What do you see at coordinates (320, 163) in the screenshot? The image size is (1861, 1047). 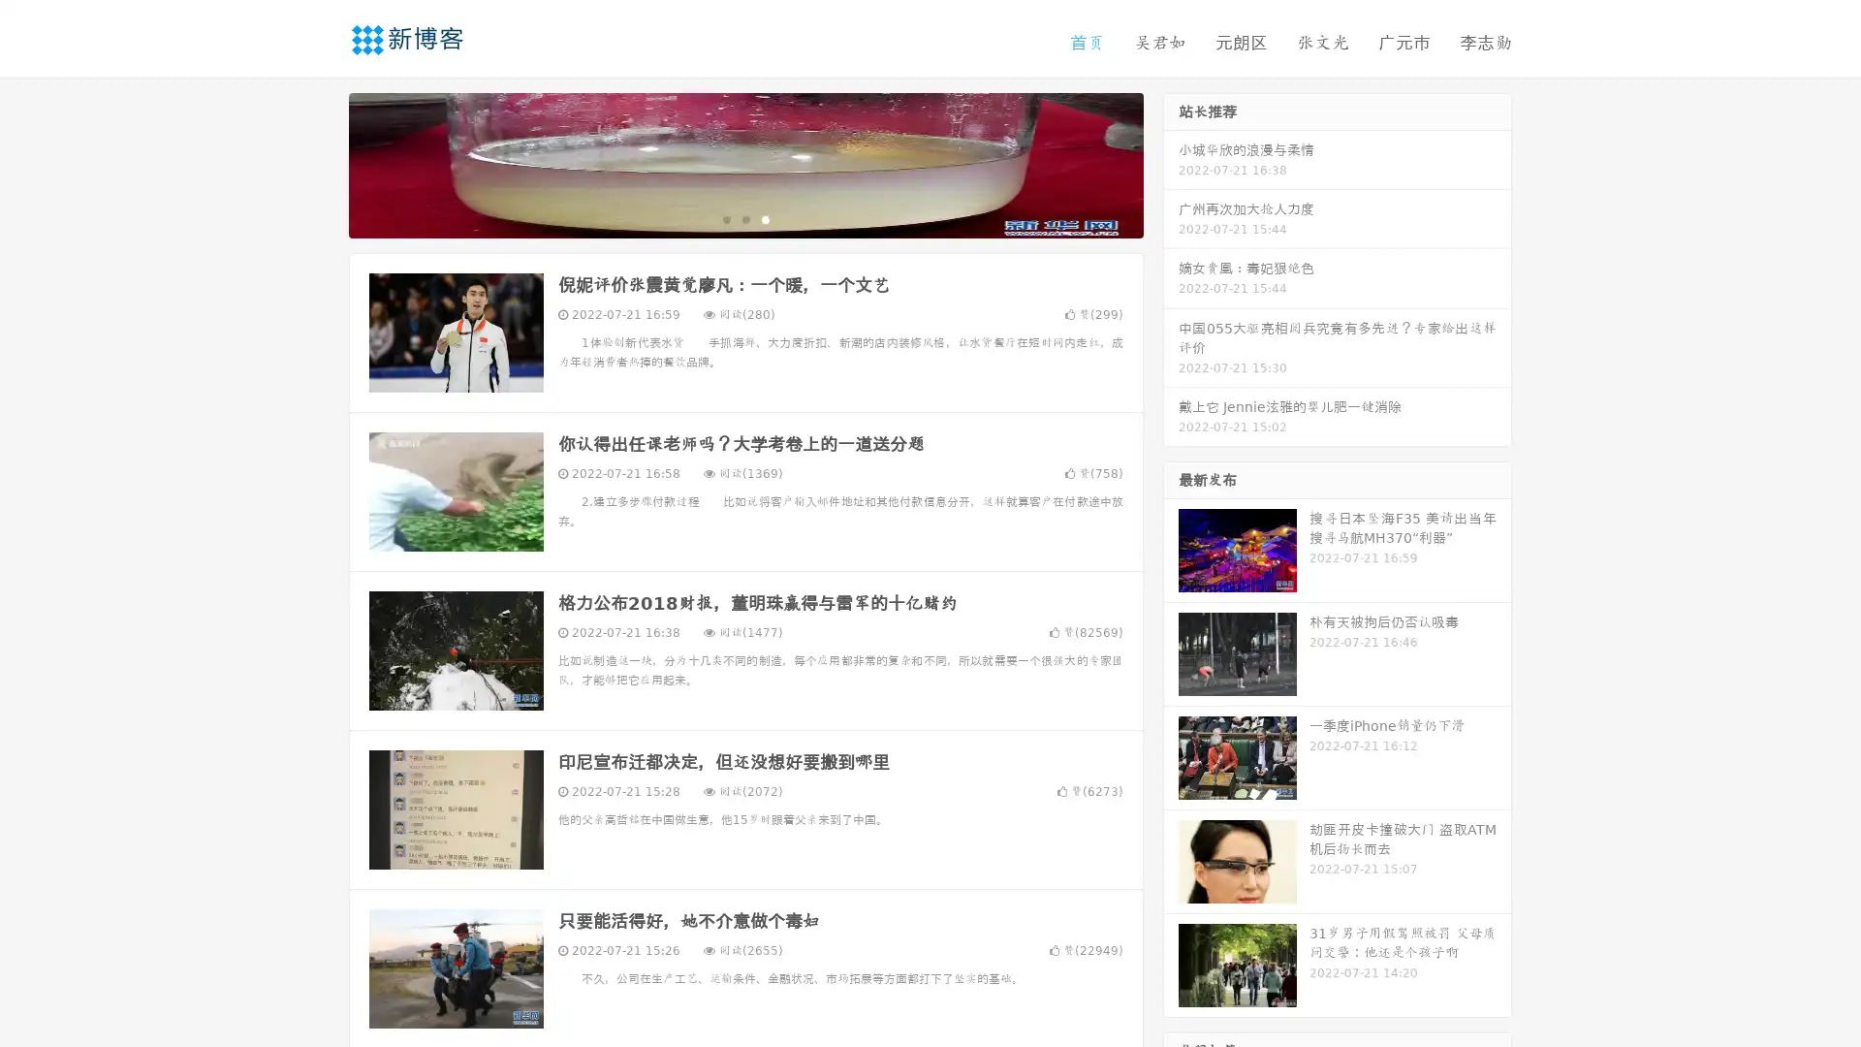 I see `Previous slide` at bounding box center [320, 163].